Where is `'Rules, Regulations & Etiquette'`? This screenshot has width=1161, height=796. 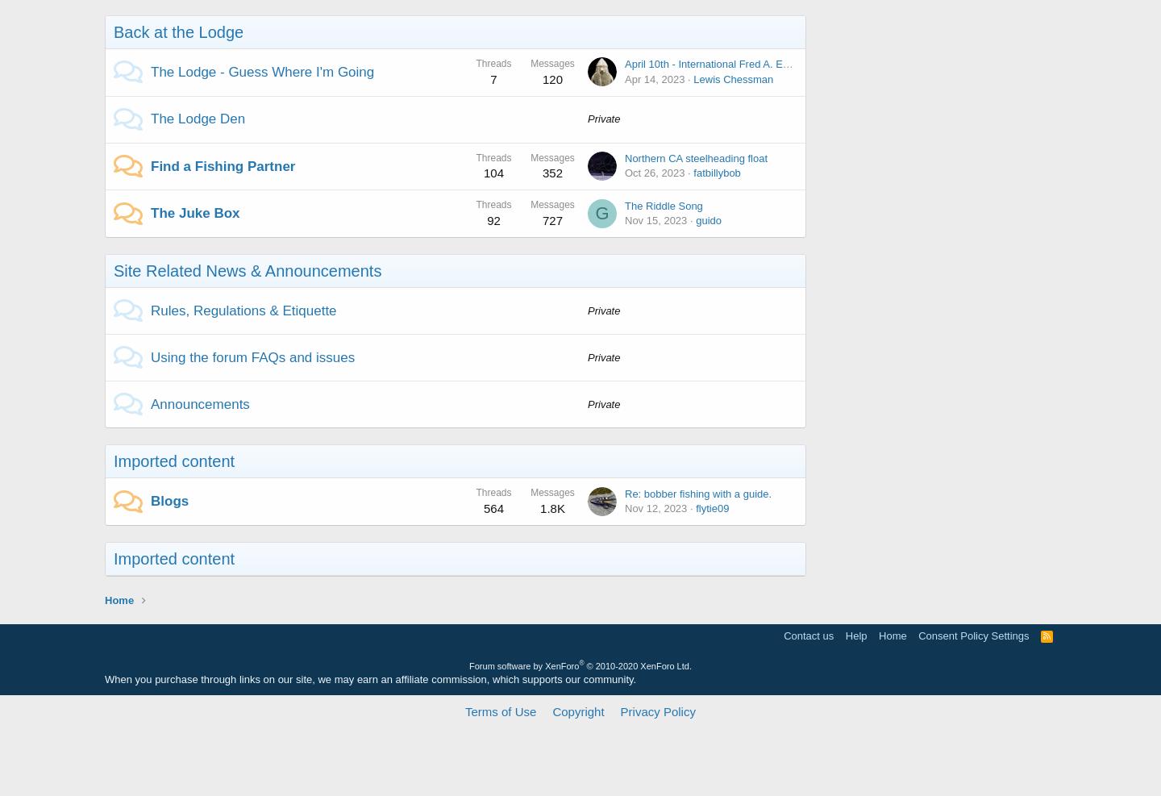
'Rules, Regulations & Etiquette' is located at coordinates (151, 310).